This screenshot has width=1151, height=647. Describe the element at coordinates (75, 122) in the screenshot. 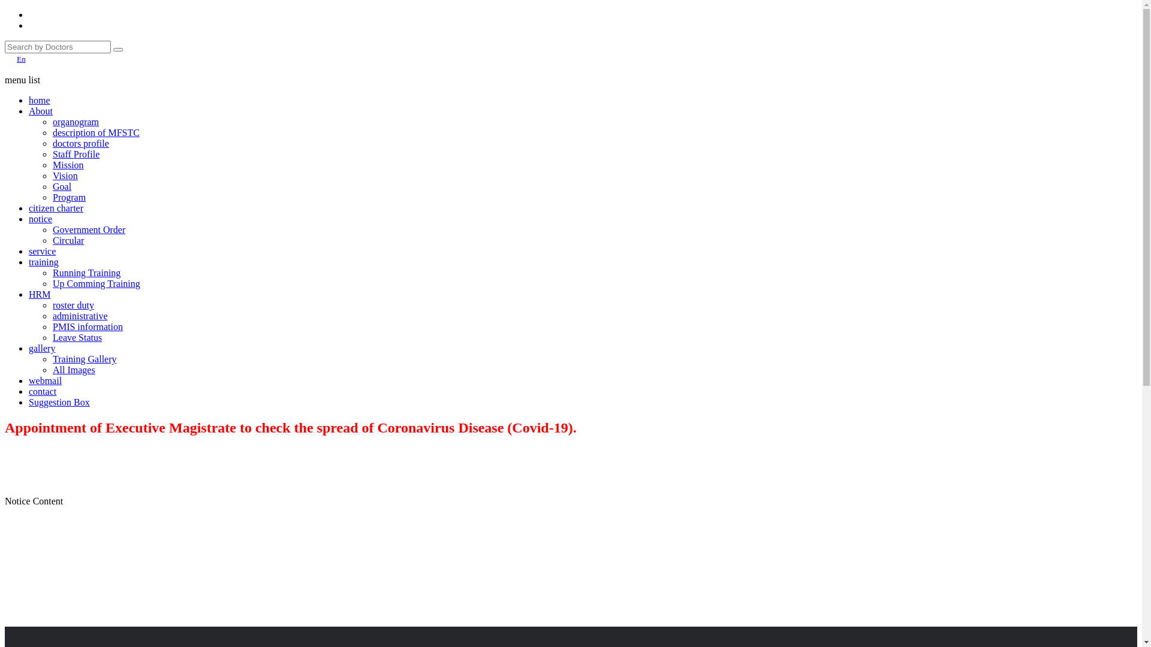

I see `'organogram'` at that location.